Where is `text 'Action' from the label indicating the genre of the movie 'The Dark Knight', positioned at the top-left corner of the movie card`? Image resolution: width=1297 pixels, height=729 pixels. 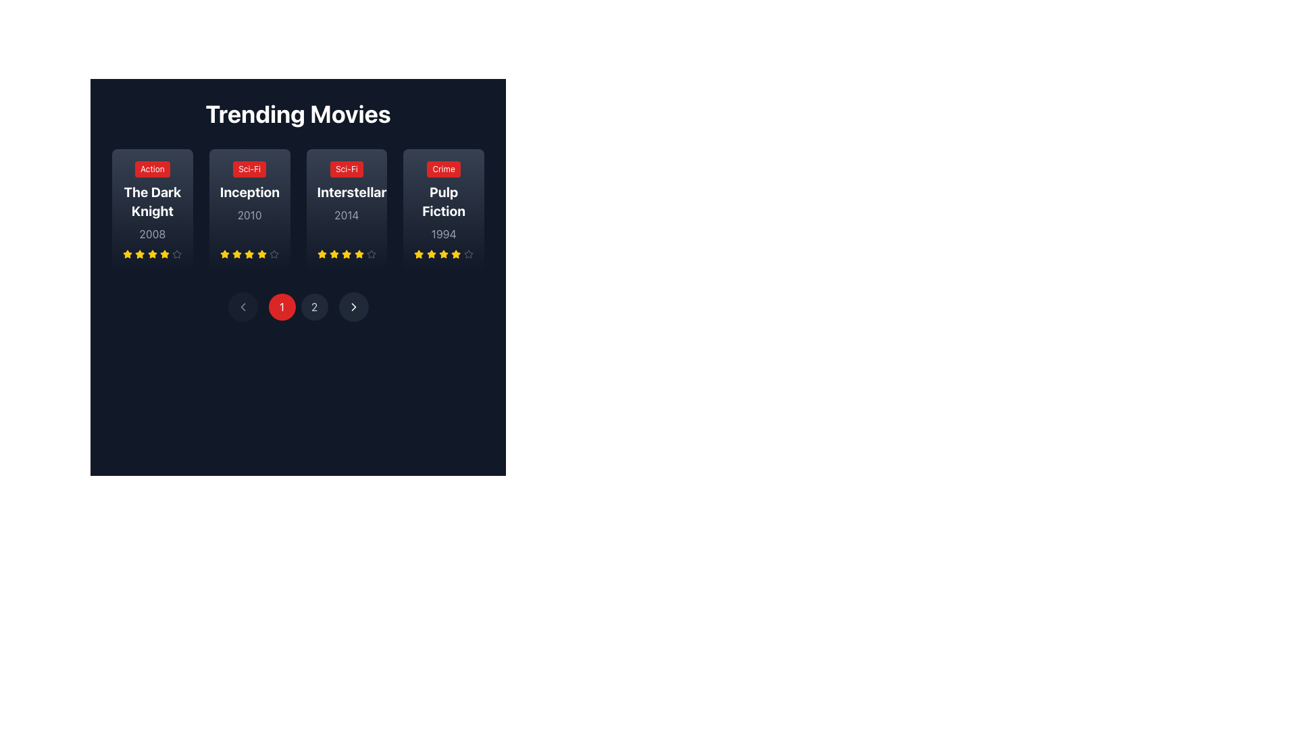 text 'Action' from the label indicating the genre of the movie 'The Dark Knight', positioned at the top-left corner of the movie card is located at coordinates (152, 168).